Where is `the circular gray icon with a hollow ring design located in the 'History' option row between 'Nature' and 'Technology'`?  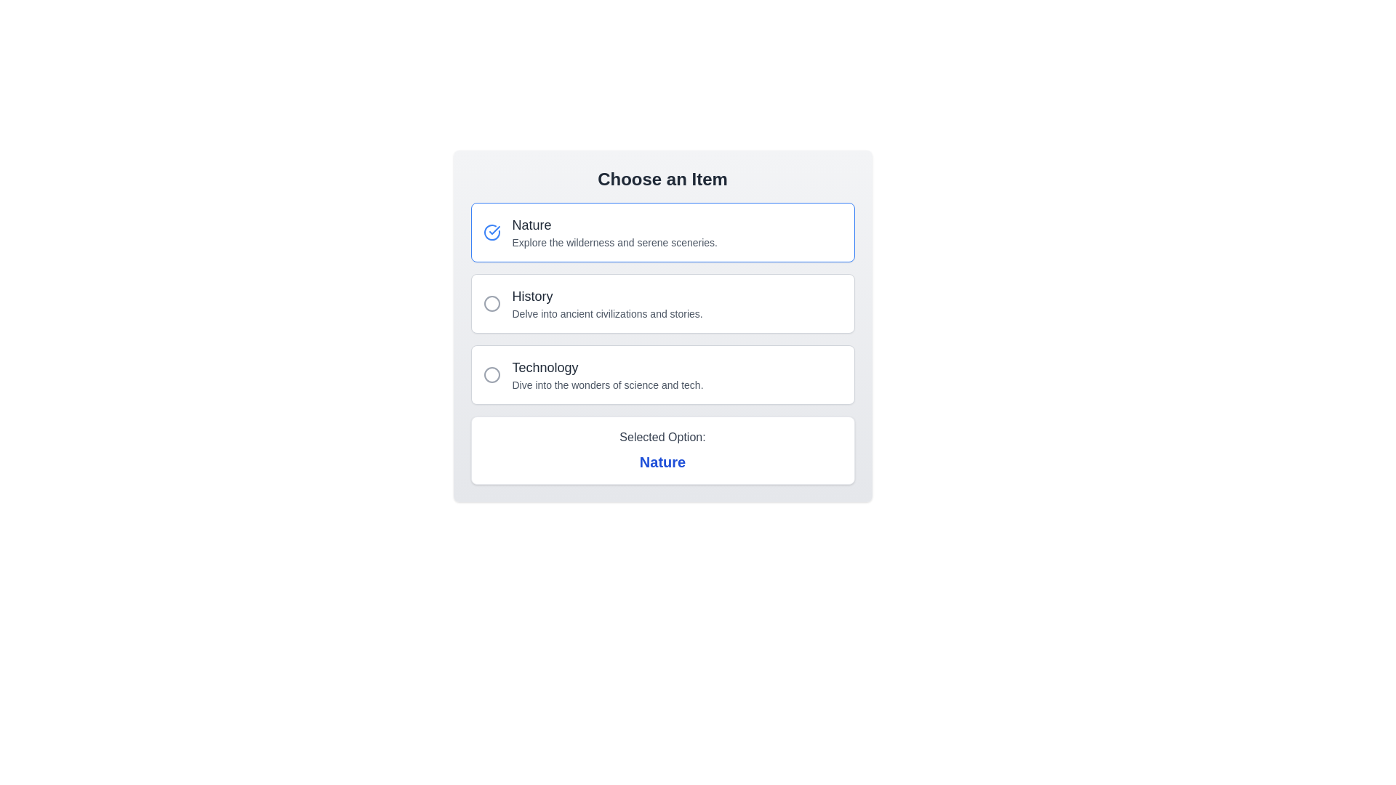
the circular gray icon with a hollow ring design located in the 'History' option row between 'Nature' and 'Technology' is located at coordinates (492, 302).